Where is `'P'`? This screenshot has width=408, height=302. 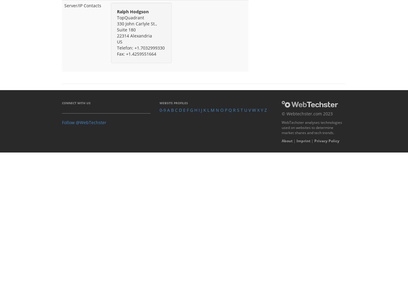 'P' is located at coordinates (226, 109).